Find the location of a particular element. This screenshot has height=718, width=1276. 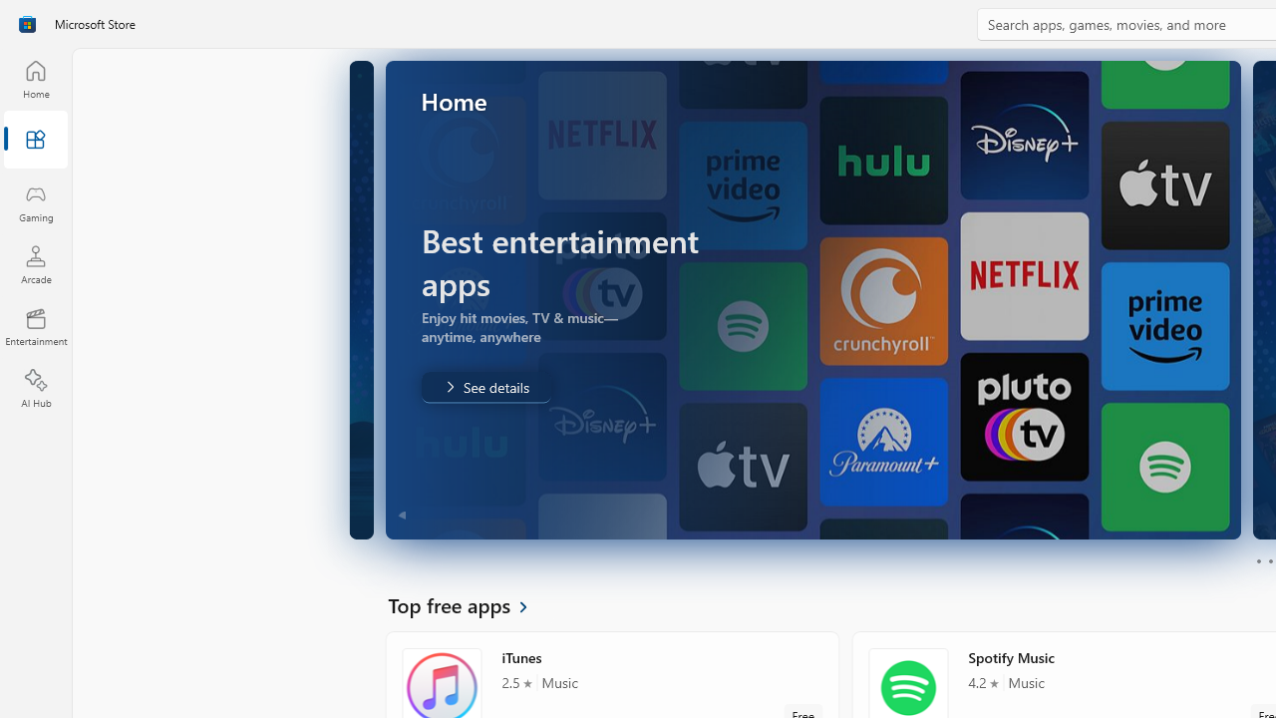

'Page 2' is located at coordinates (1269, 561).